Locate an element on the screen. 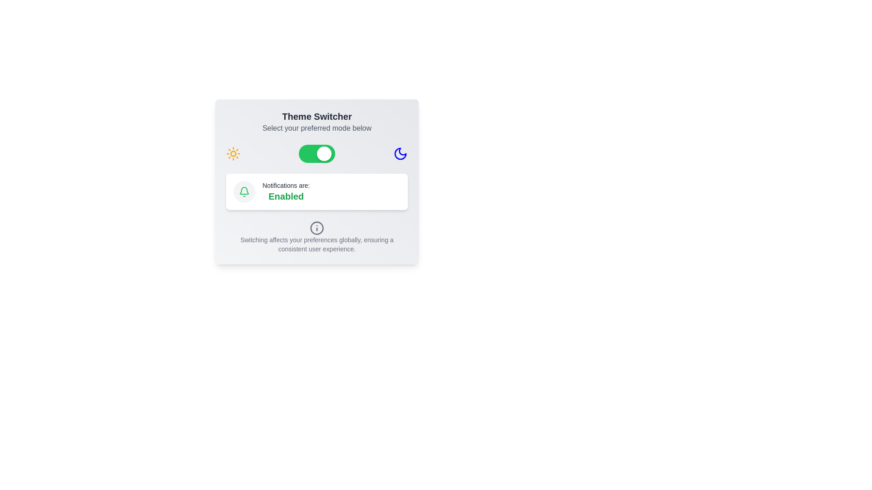 The height and width of the screenshot is (490, 872). the gray circular Informational icon with an 'i' symbol is located at coordinates (317, 227).